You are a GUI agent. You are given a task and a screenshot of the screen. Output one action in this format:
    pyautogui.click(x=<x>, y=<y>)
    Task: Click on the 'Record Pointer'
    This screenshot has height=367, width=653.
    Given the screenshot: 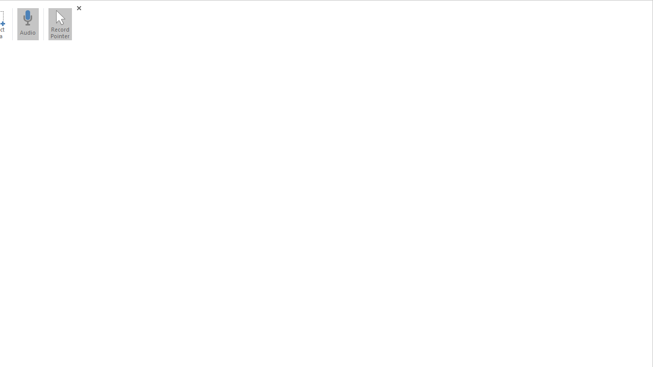 What is the action you would take?
    pyautogui.click(x=59, y=23)
    